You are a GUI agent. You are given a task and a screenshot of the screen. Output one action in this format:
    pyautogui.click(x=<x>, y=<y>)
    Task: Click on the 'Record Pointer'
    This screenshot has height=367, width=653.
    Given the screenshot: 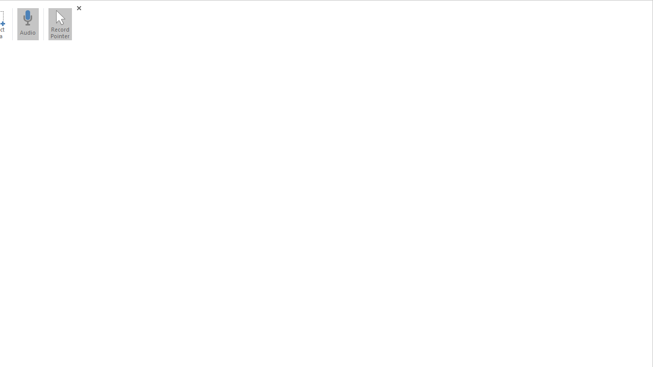 What is the action you would take?
    pyautogui.click(x=59, y=23)
    